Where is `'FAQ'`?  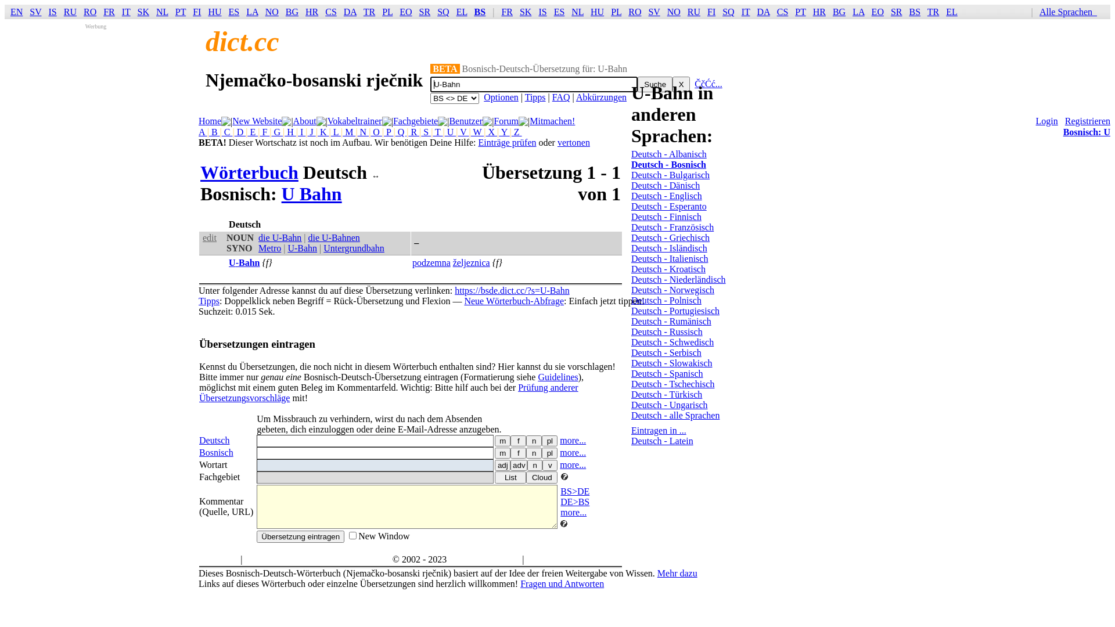
'FAQ' is located at coordinates (551, 96).